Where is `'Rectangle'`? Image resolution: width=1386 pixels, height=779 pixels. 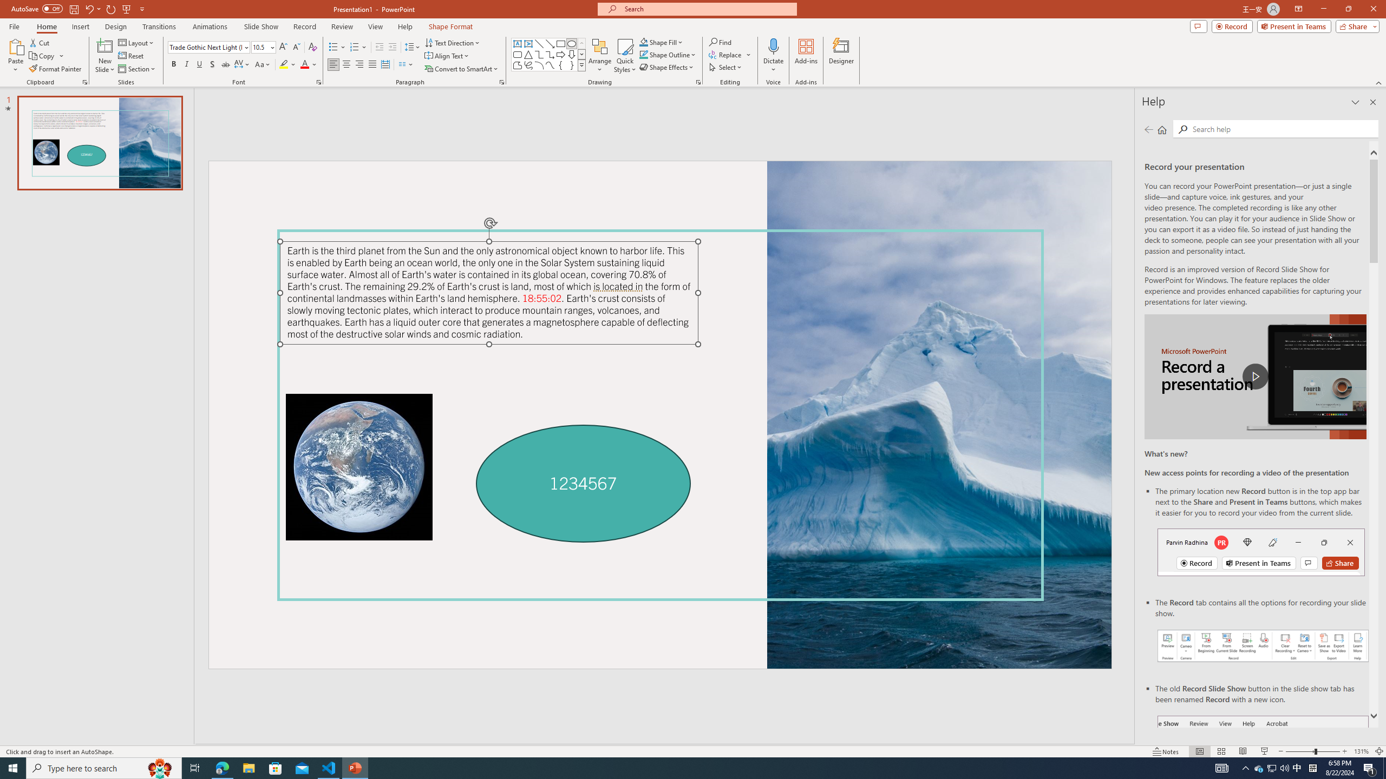 'Rectangle' is located at coordinates (560, 43).